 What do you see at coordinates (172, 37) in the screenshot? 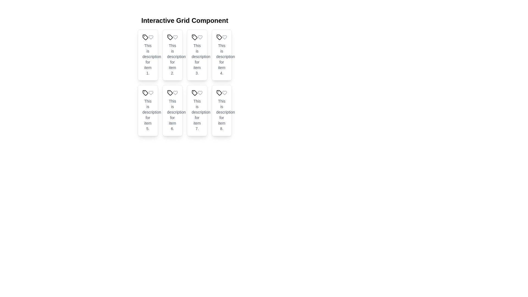
I see `the tag icon located in the second position on the top row of the interactive grid layout` at bounding box center [172, 37].